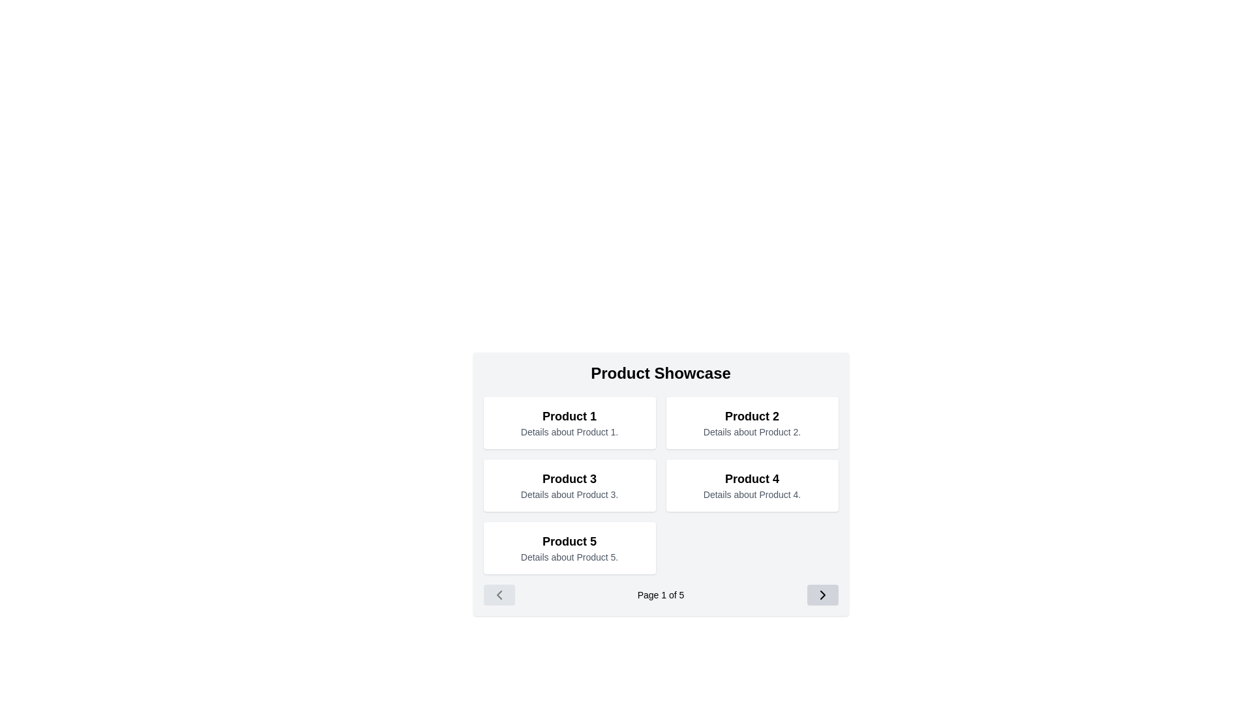 This screenshot has width=1252, height=704. Describe the element at coordinates (661, 595) in the screenshot. I see `the pagination label displaying 'Page 1 of 5', which is styled with a smaller font on a light gray background, located at the bottom section of the 'Product Showcase' area` at that location.